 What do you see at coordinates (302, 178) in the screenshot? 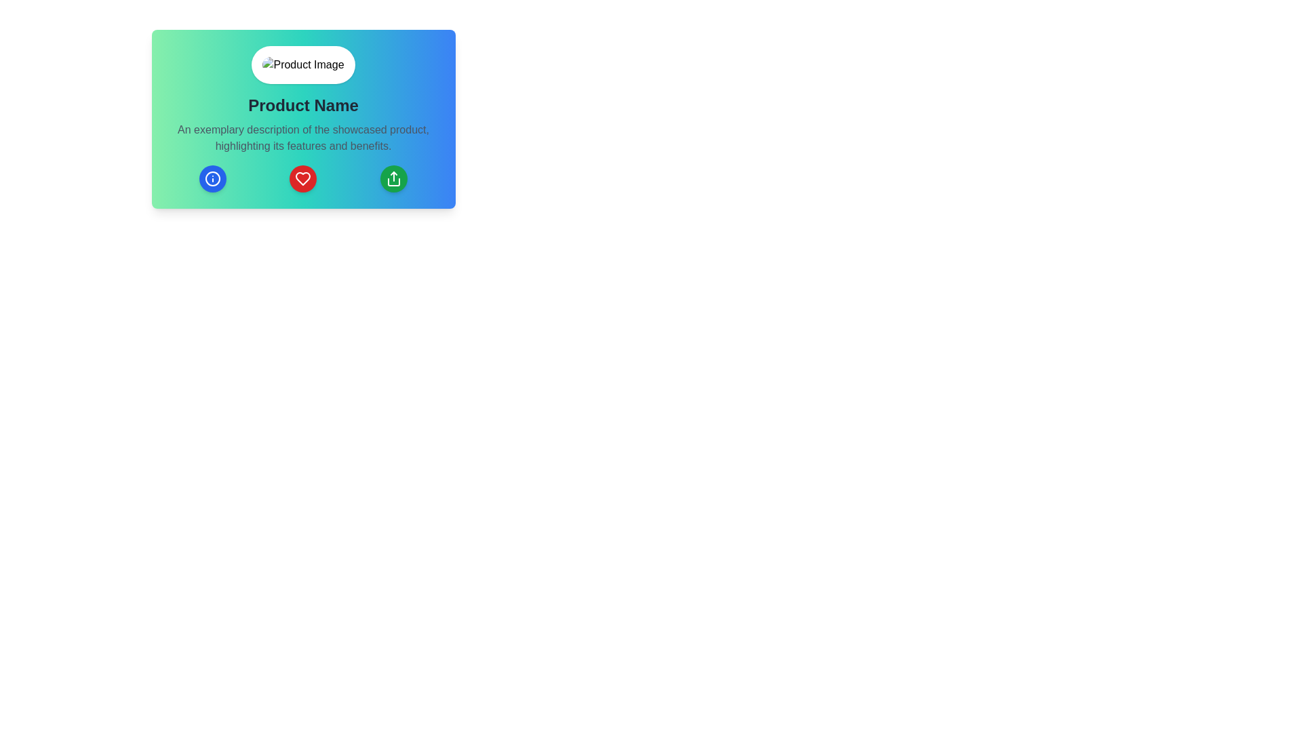
I see `the circular red button with a white heart icon to like or favorite the product` at bounding box center [302, 178].